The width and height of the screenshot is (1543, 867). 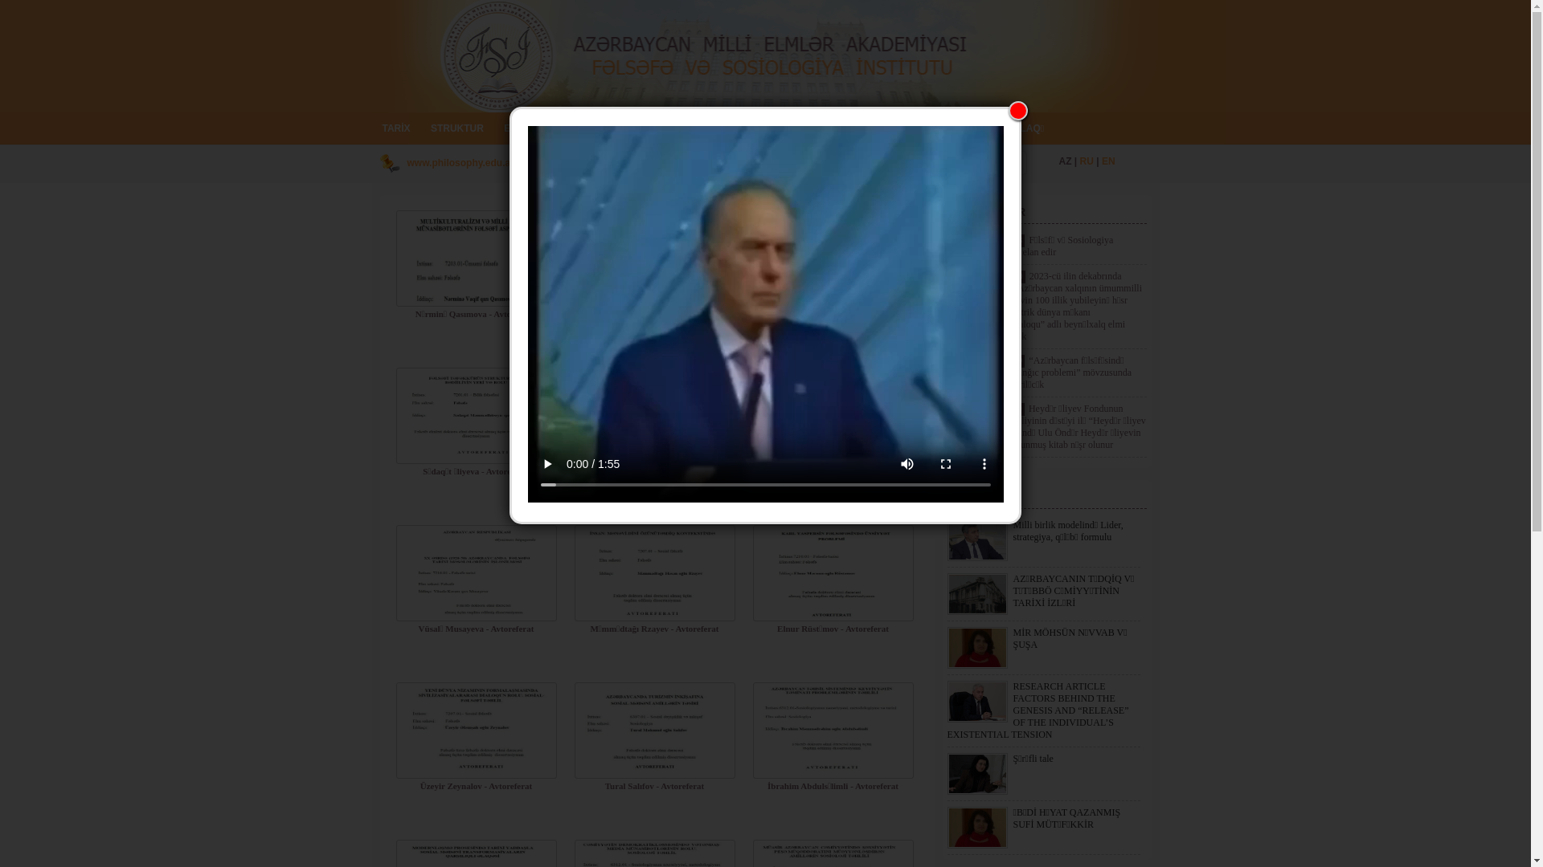 What do you see at coordinates (1017, 110) in the screenshot?
I see `'X'` at bounding box center [1017, 110].